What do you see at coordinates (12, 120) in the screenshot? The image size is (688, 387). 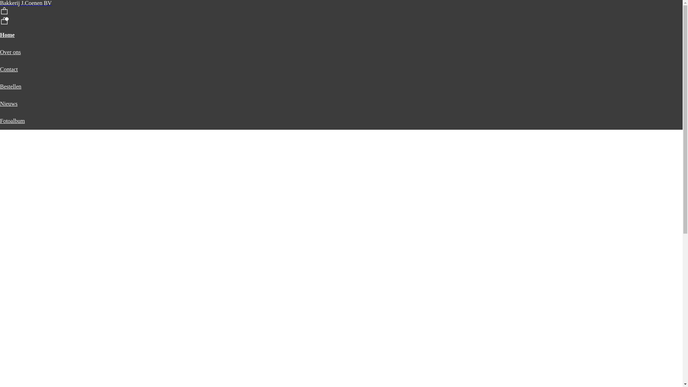 I see `'Fotoalbum'` at bounding box center [12, 120].